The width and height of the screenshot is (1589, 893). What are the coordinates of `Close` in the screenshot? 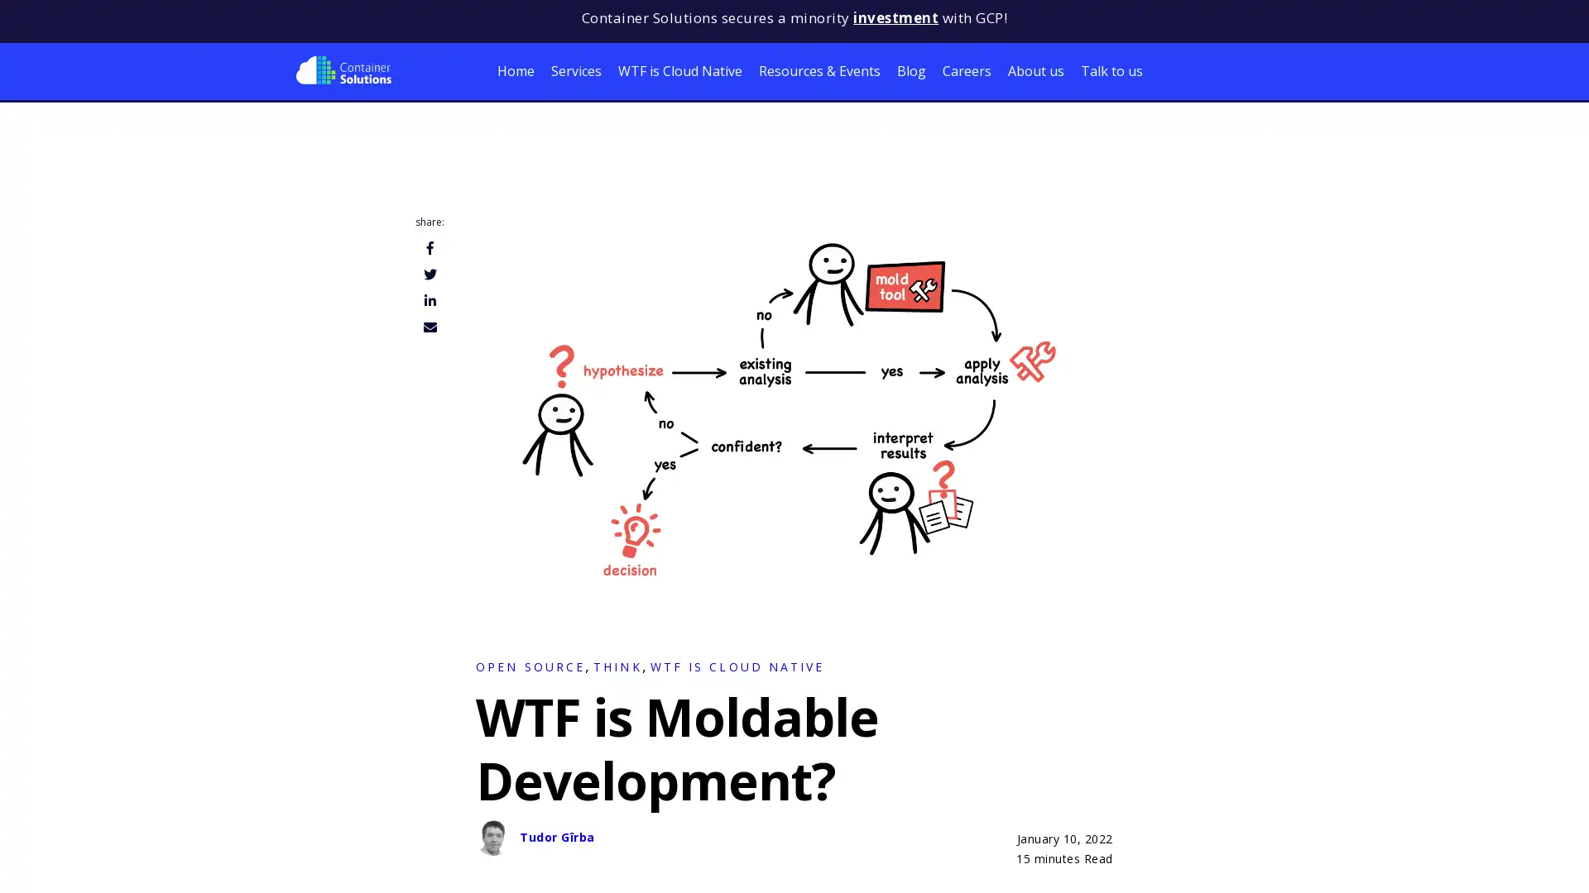 It's located at (330, 769).